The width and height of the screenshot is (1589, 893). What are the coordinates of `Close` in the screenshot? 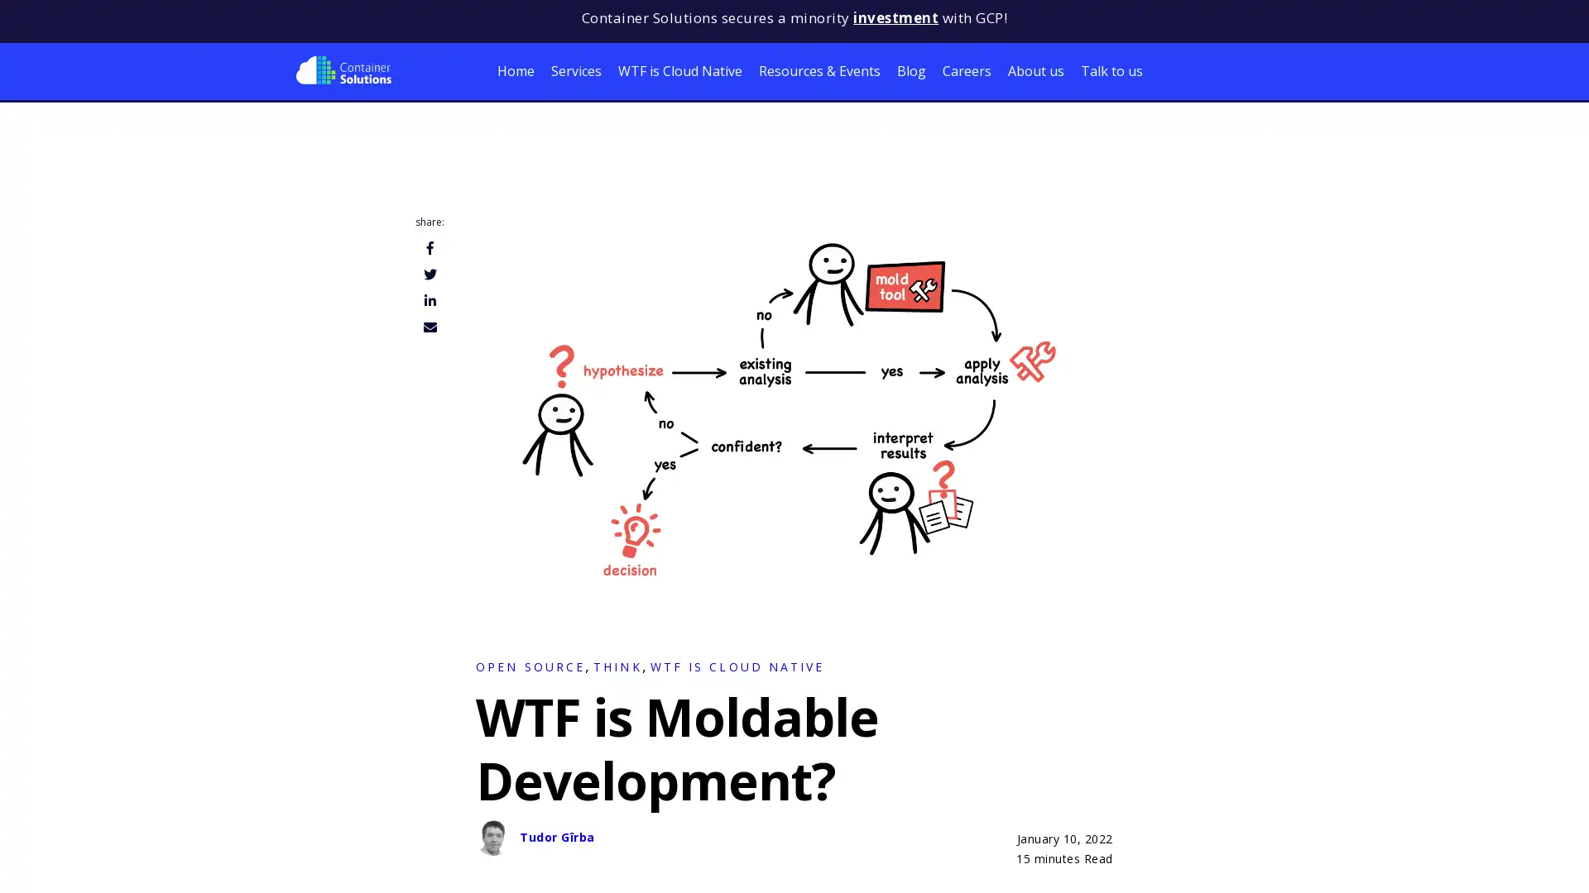 It's located at (330, 769).